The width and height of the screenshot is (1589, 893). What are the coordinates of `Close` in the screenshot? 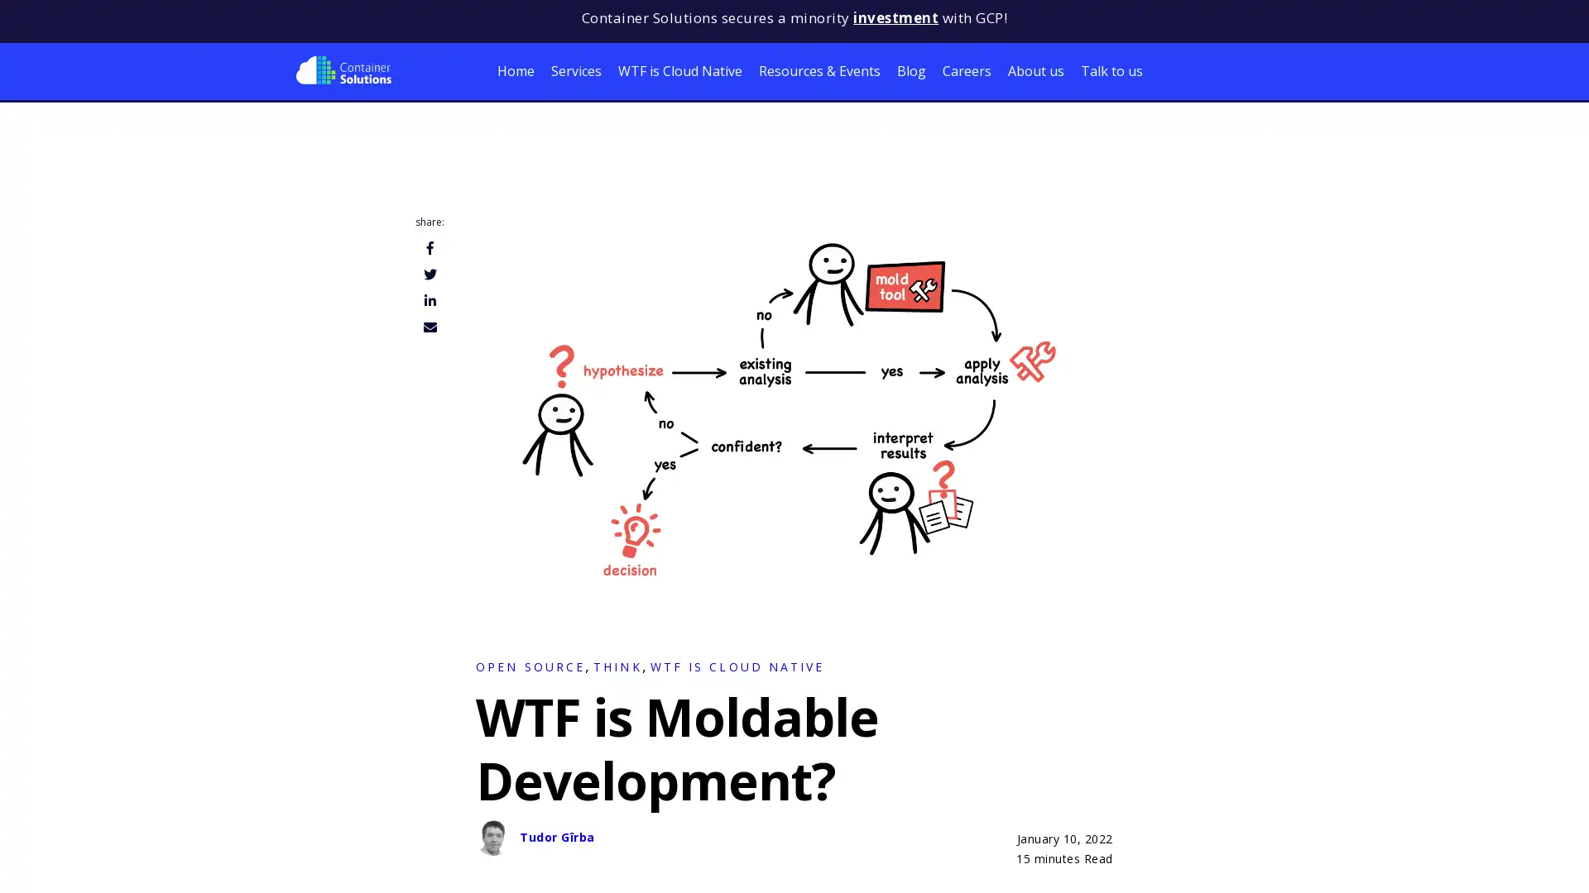 It's located at (330, 769).